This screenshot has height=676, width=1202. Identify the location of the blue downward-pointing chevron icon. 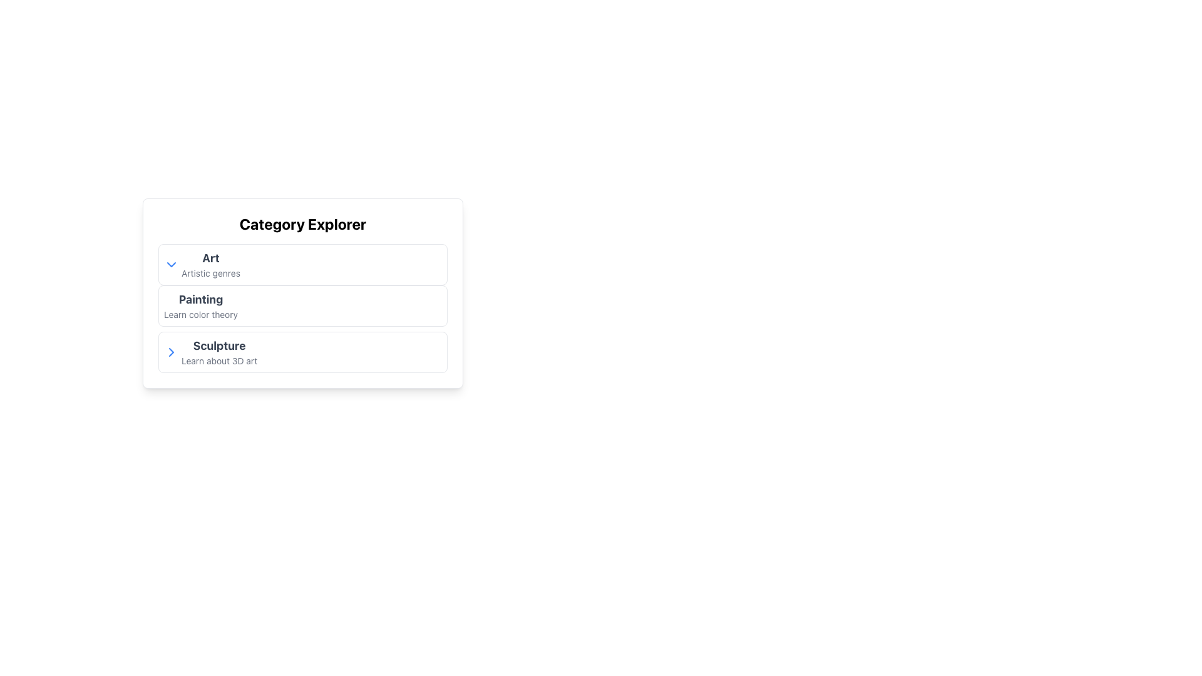
(170, 264).